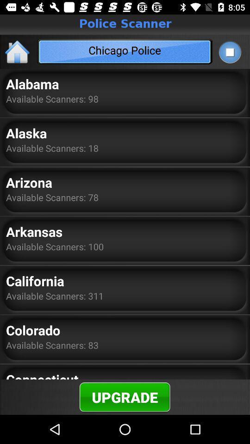 This screenshot has width=250, height=444. Describe the element at coordinates (18, 51) in the screenshot. I see `home screen` at that location.